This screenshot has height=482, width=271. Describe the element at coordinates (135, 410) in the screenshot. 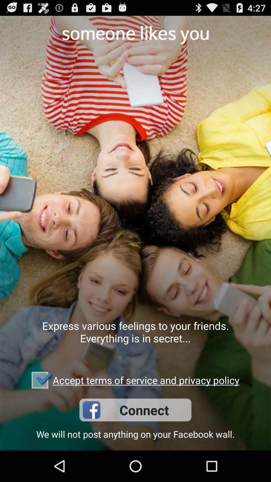

I see `app above we will not` at that location.